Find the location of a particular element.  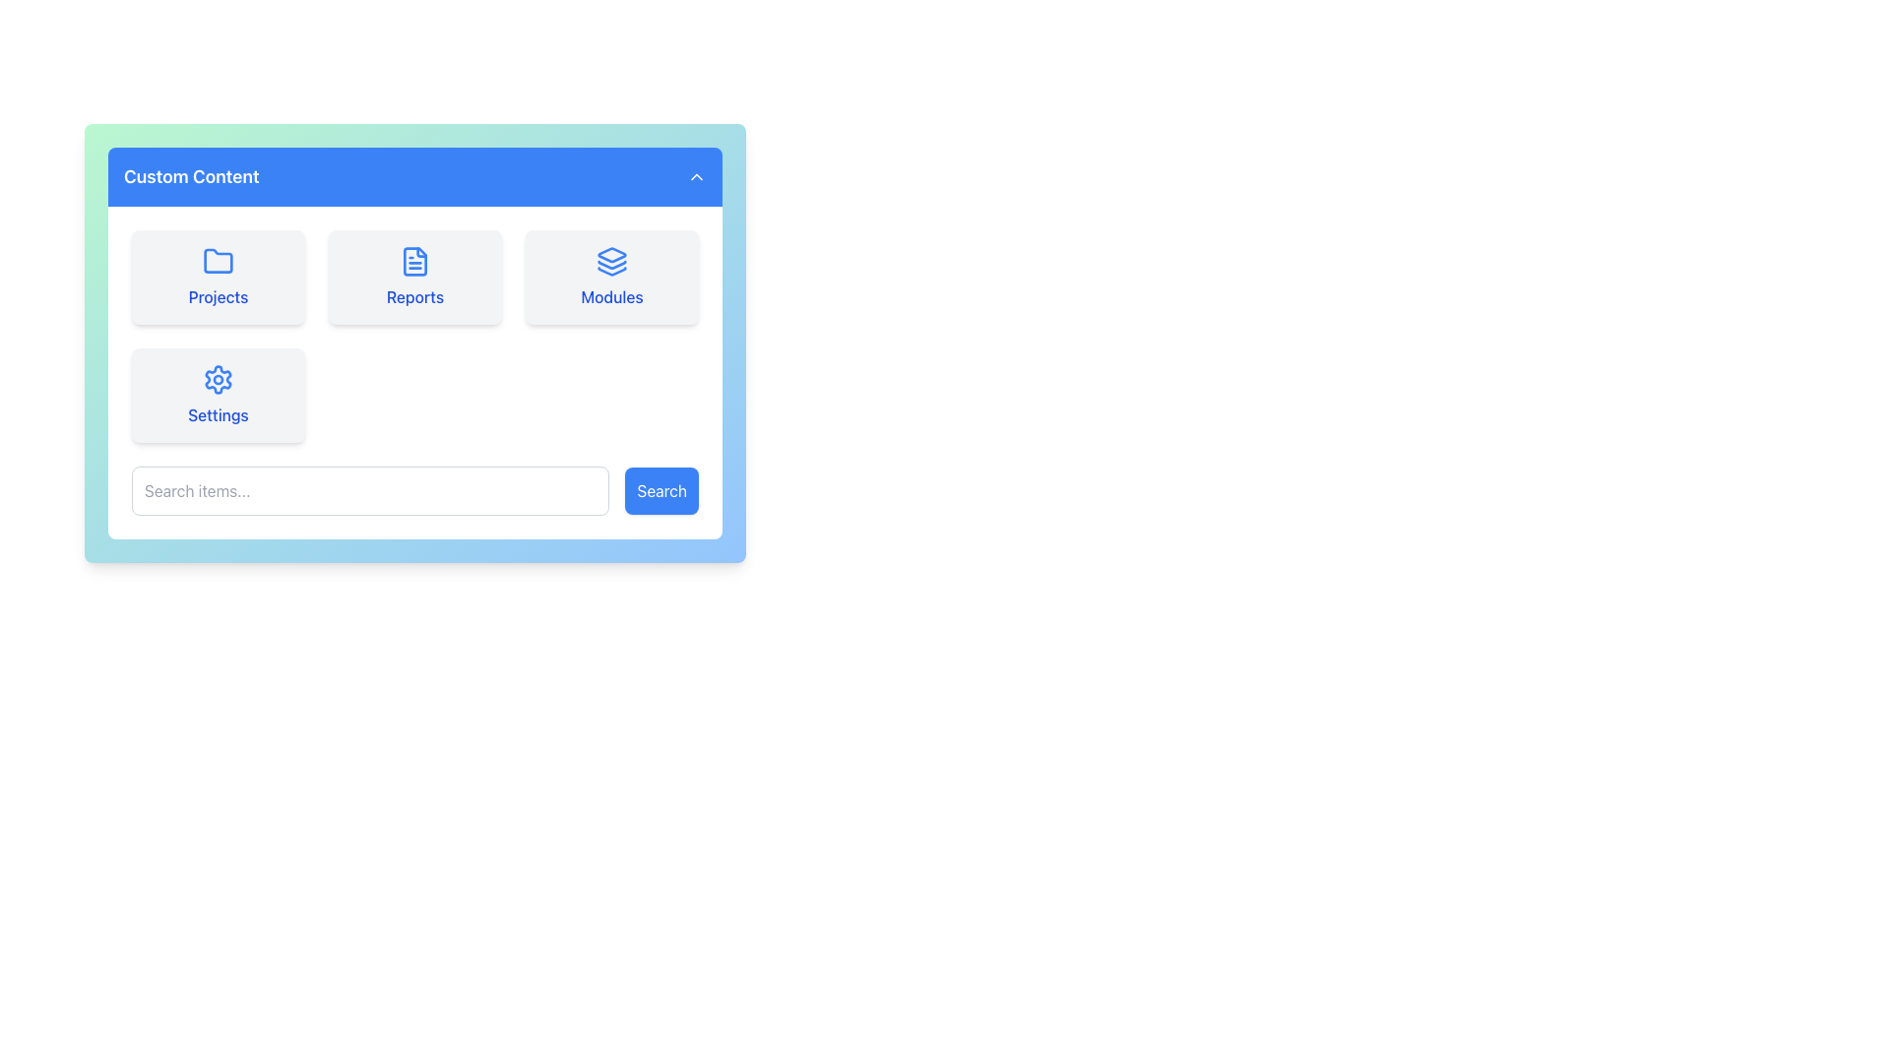

the Modules card containing the stack-like icon represented in blue color, located at the top-right corner of the interface is located at coordinates (611, 261).